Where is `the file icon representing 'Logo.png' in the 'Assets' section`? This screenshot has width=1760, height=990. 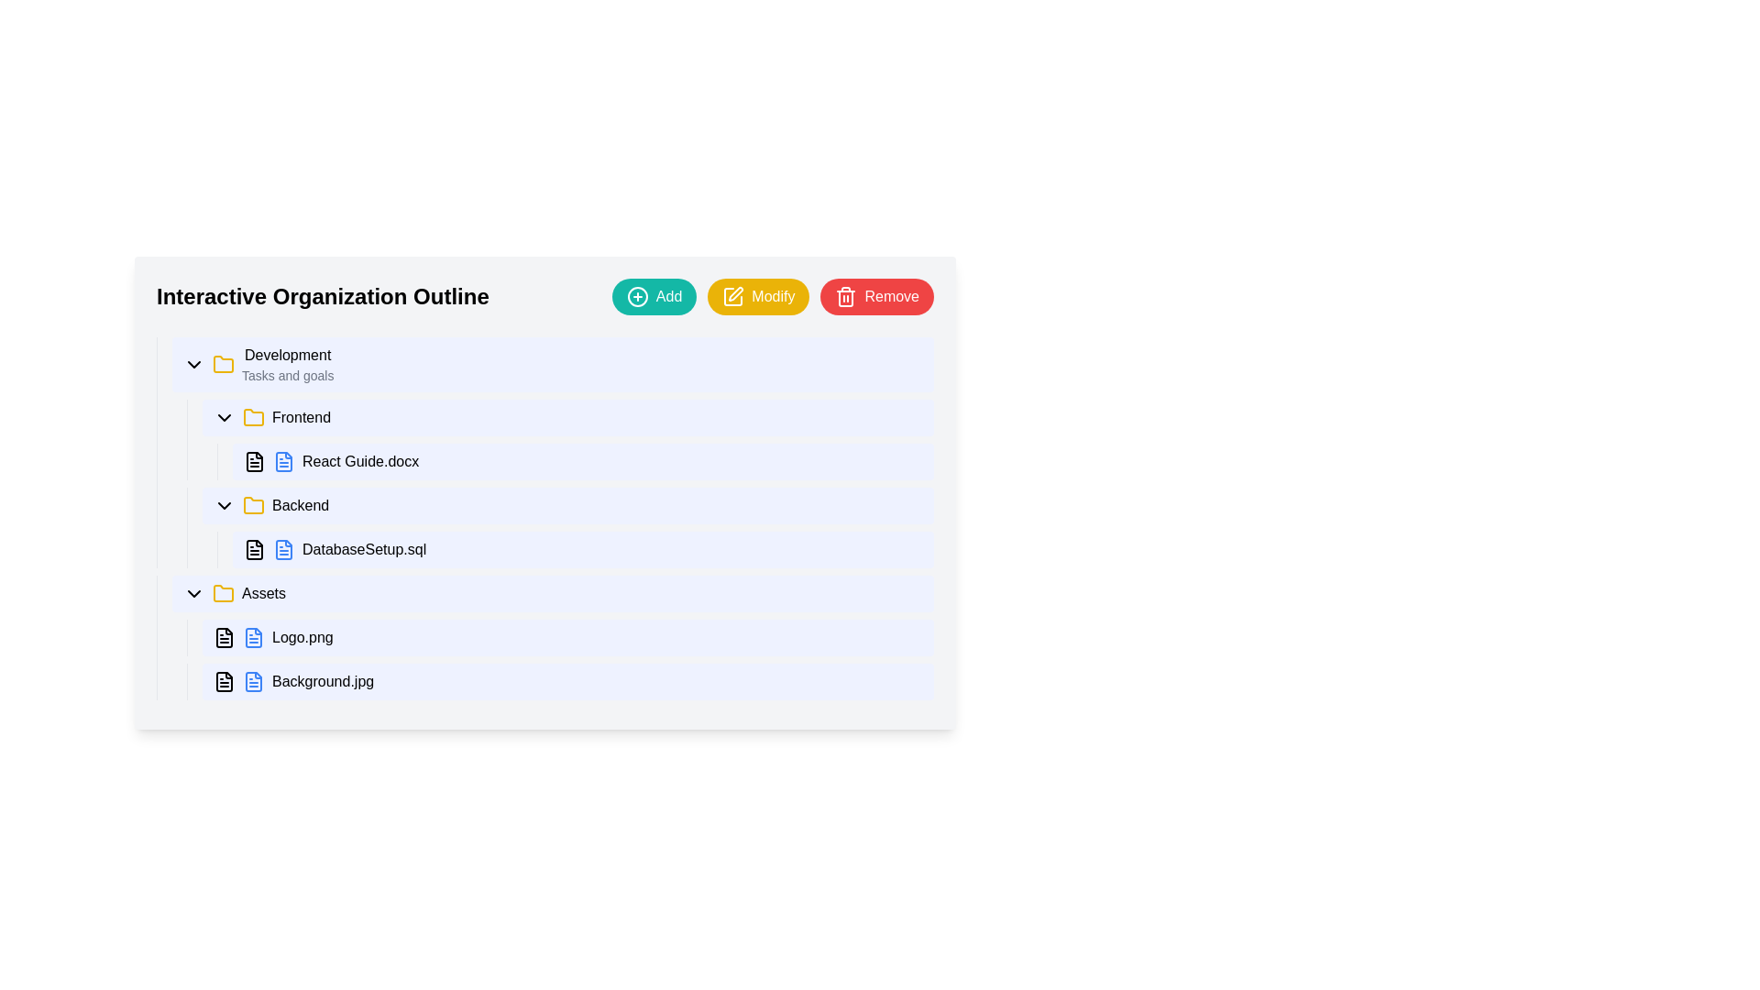 the file icon representing 'Logo.png' in the 'Assets' section is located at coordinates (283, 461).